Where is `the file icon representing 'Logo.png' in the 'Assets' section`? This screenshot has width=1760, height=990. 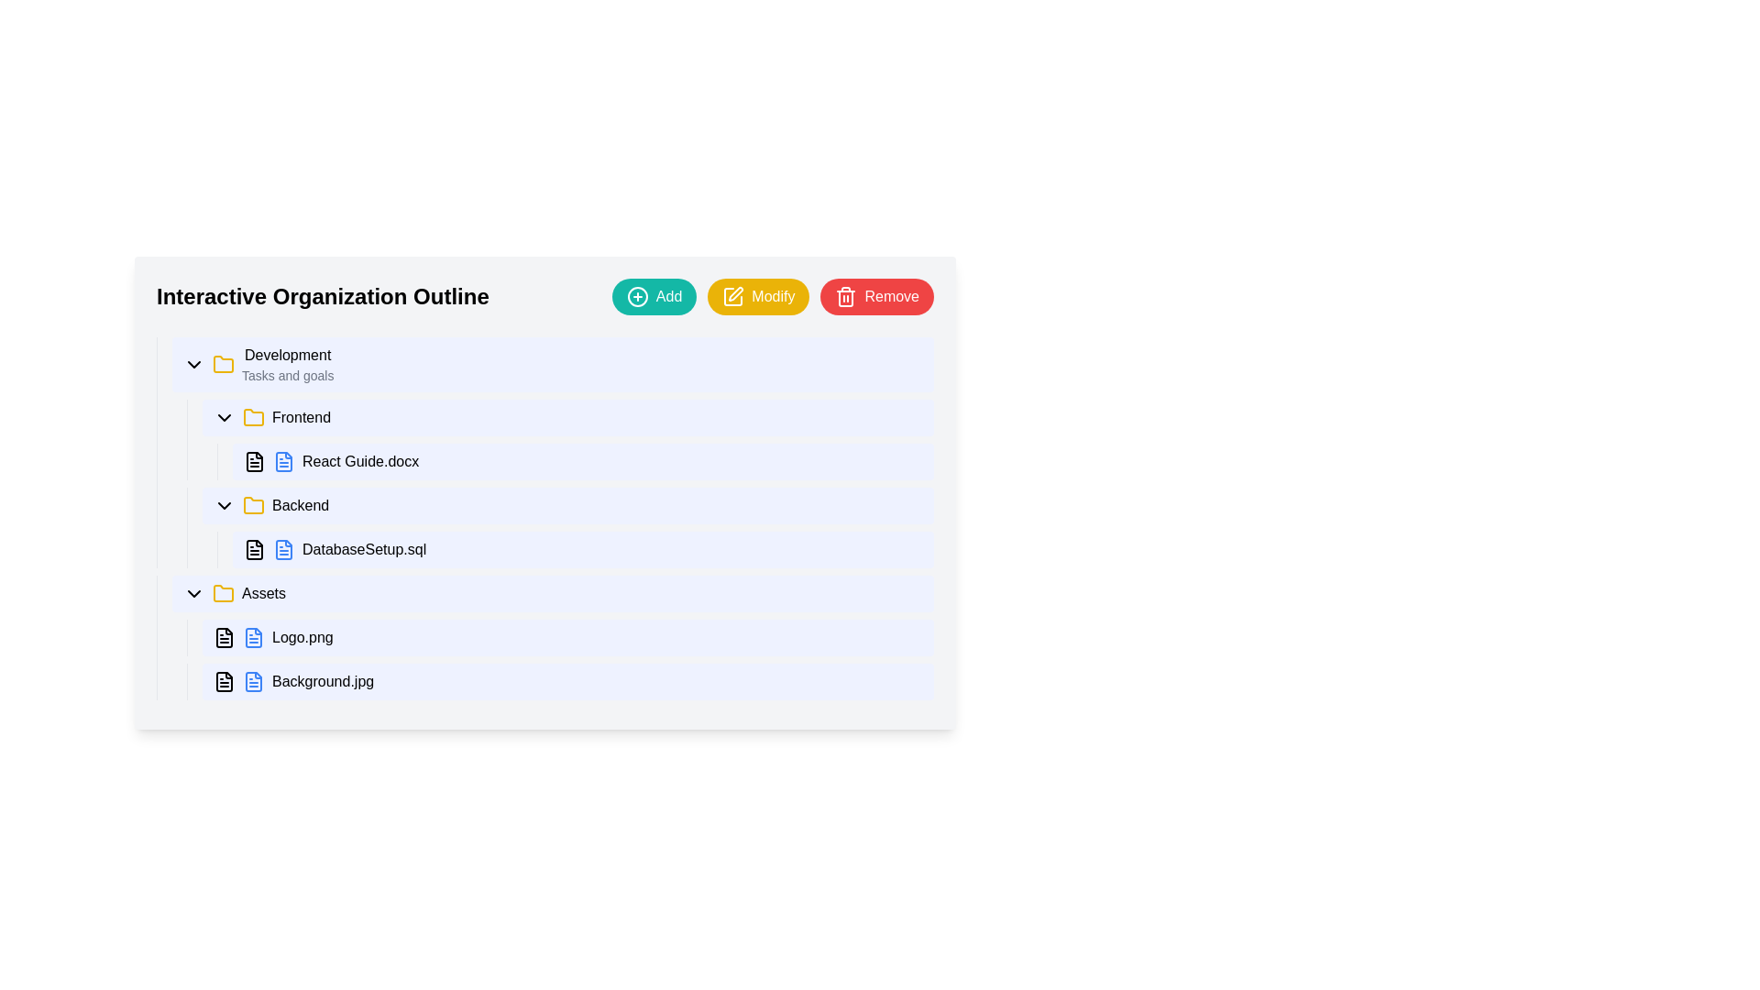 the file icon representing 'Logo.png' in the 'Assets' section is located at coordinates (283, 461).